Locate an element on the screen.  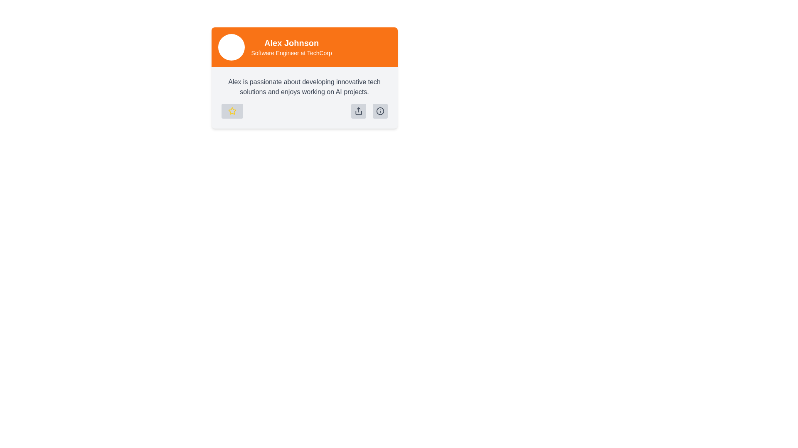
the gray-colored text display that reads: 'Alex is passionate about developing innovative tech solutions and enjoys working on AI projects.' is located at coordinates (304, 87).